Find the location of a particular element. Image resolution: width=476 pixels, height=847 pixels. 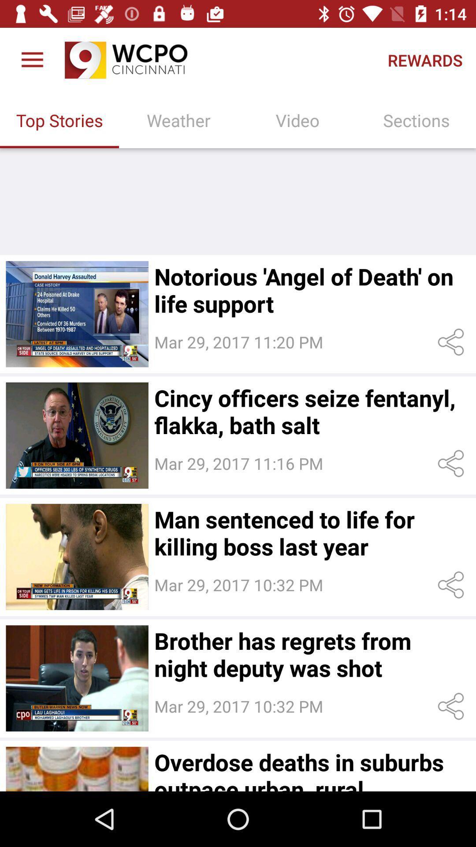

share the article is located at coordinates (453, 706).